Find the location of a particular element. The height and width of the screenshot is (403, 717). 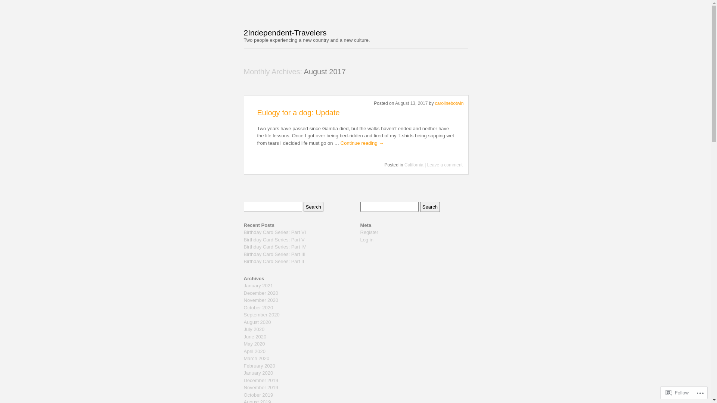

'2Independent-Travelers' is located at coordinates (285, 32).